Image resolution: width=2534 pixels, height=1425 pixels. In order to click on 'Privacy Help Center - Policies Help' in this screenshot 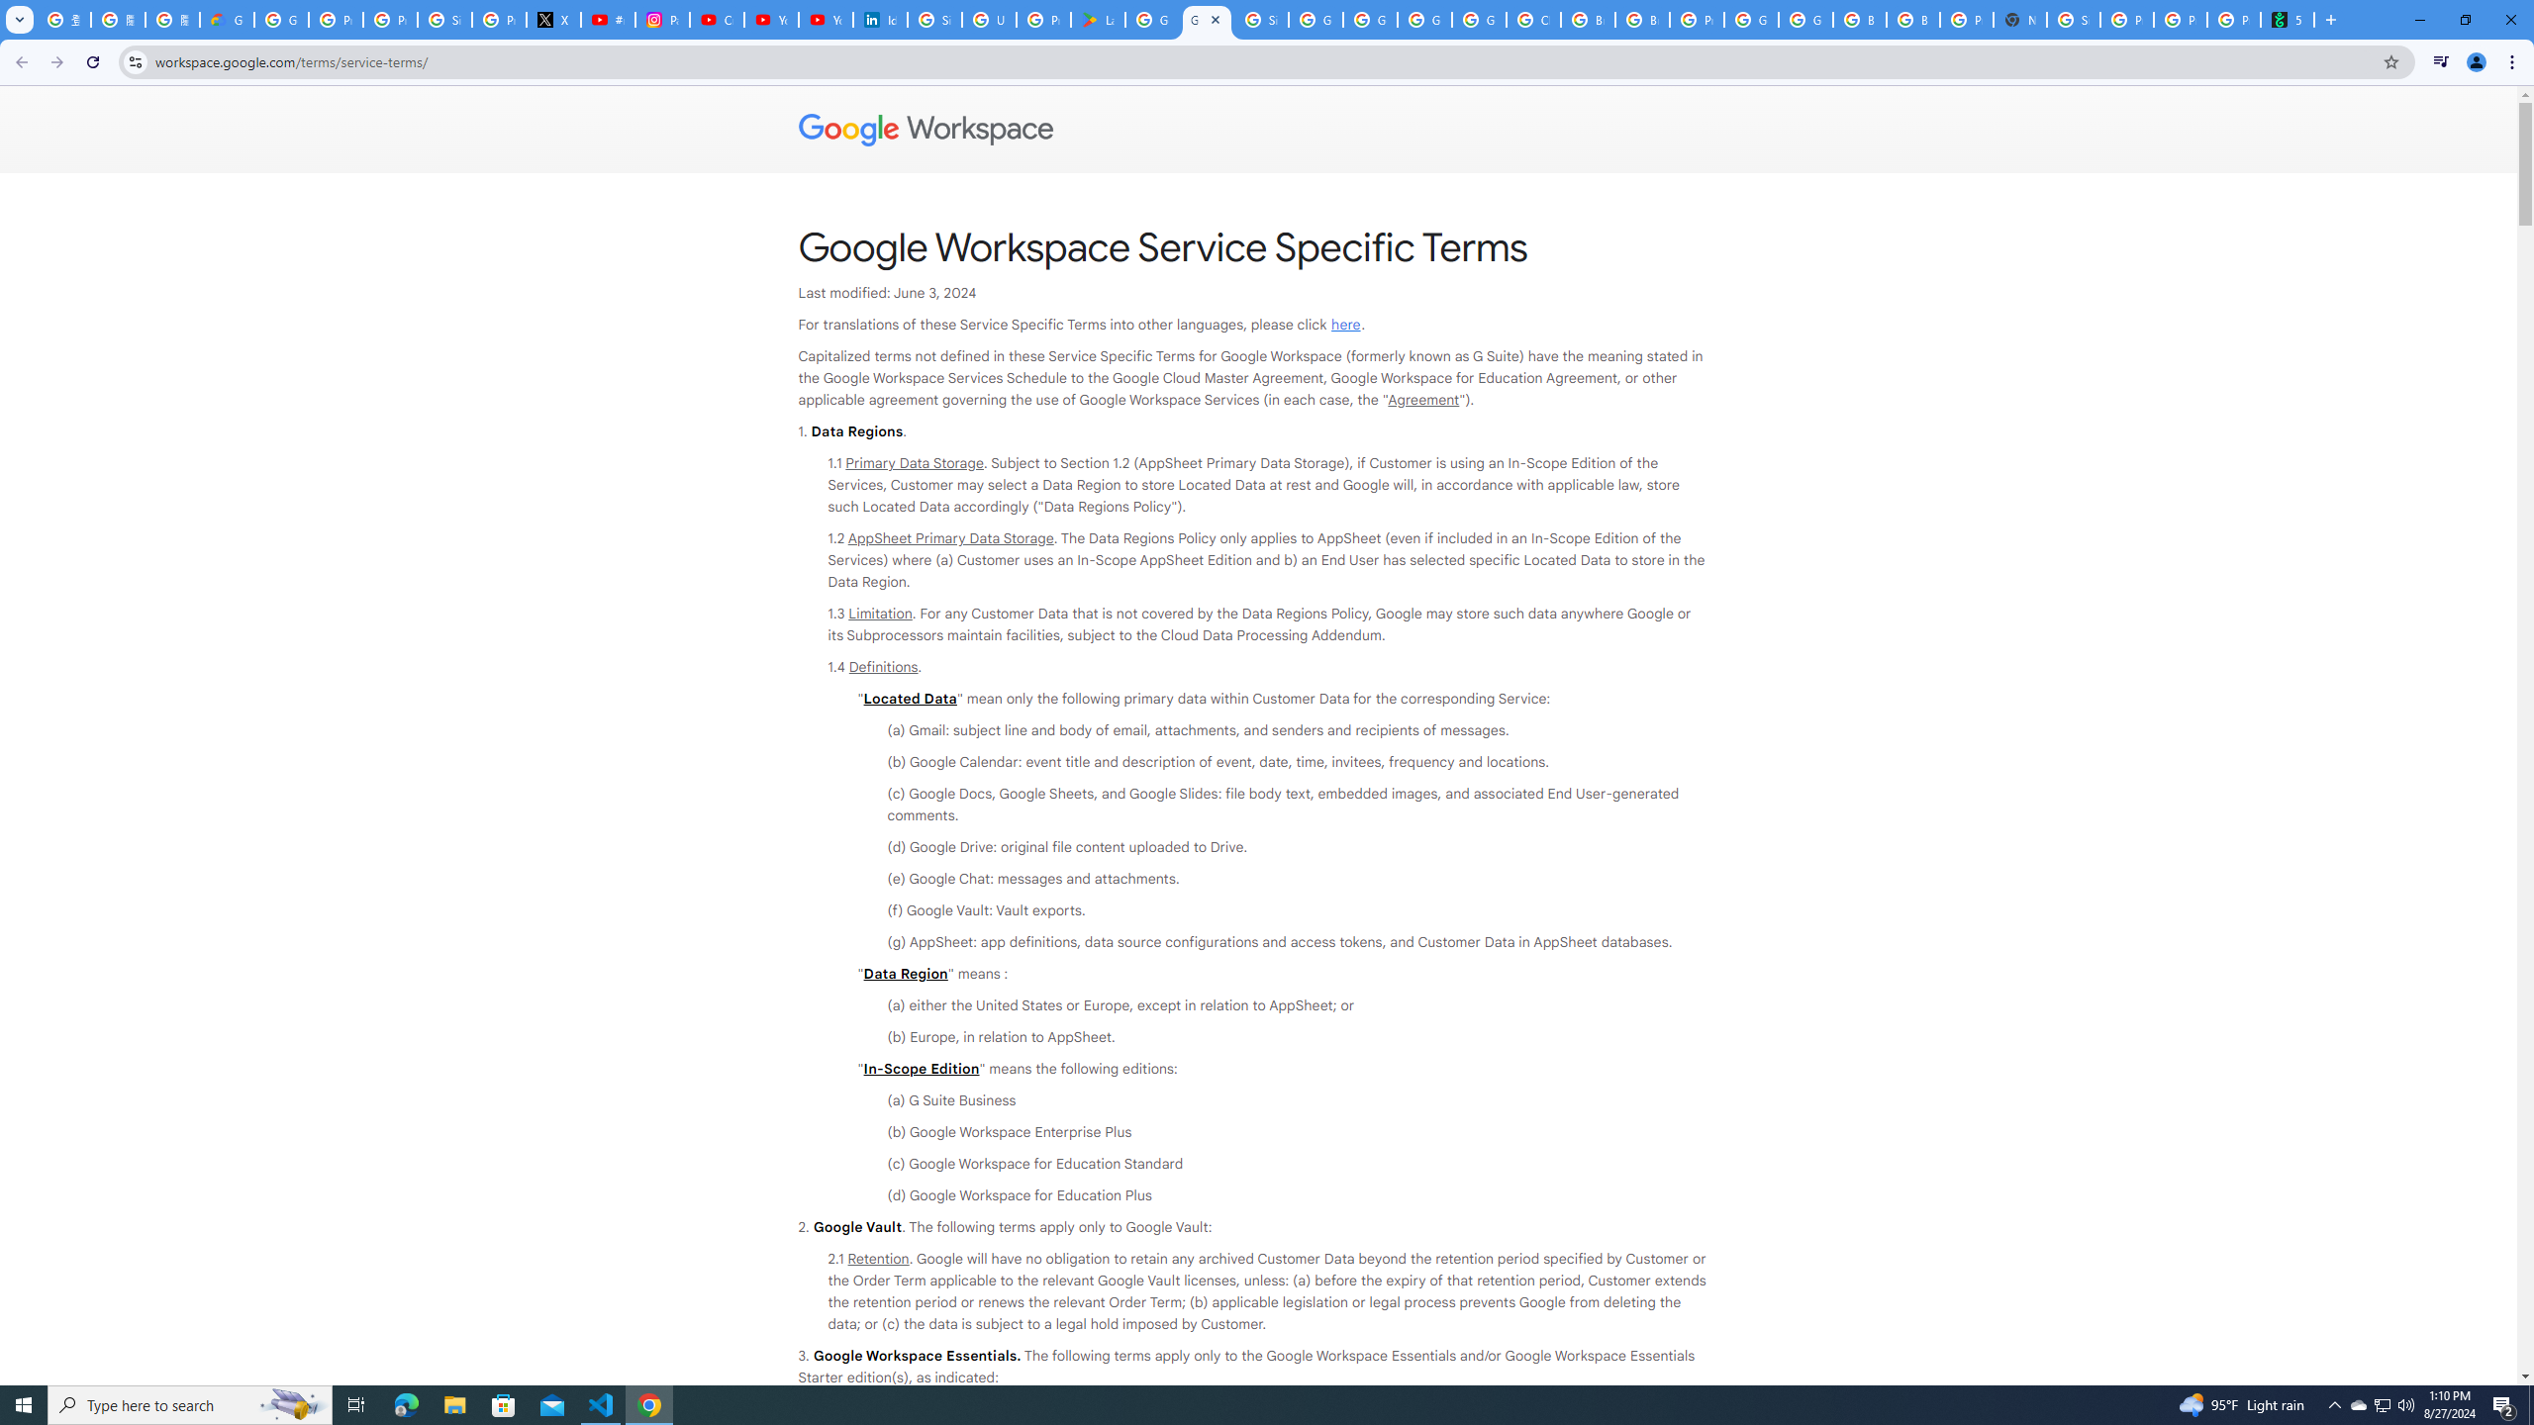, I will do `click(390, 19)`.